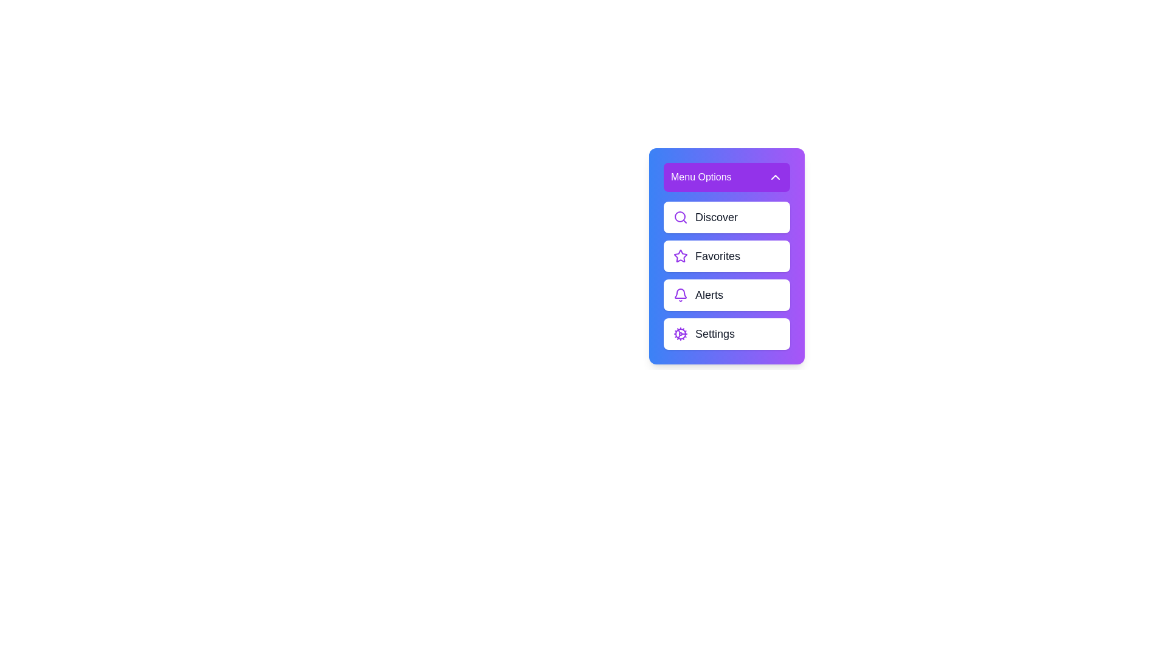 This screenshot has height=656, width=1167. Describe the element at coordinates (726, 255) in the screenshot. I see `the 'Favorites' navigation button, which is the second item in the vertical list of menu options, located between 'Discover' and 'Alerts'` at that location.